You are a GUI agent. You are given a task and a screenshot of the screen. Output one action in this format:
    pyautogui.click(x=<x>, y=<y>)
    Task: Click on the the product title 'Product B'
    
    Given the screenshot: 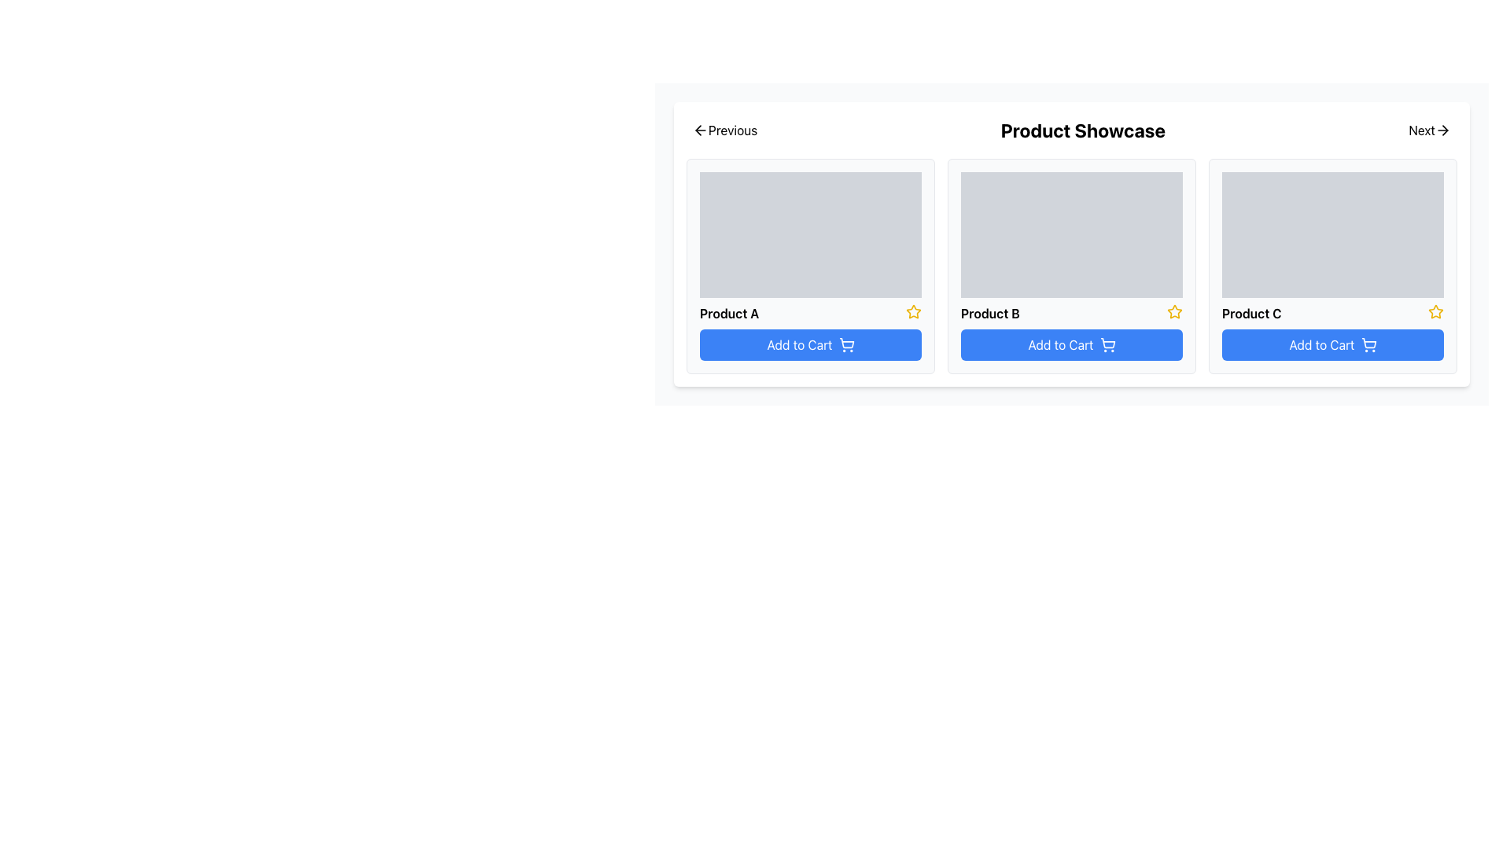 What is the action you would take?
    pyautogui.click(x=1071, y=313)
    